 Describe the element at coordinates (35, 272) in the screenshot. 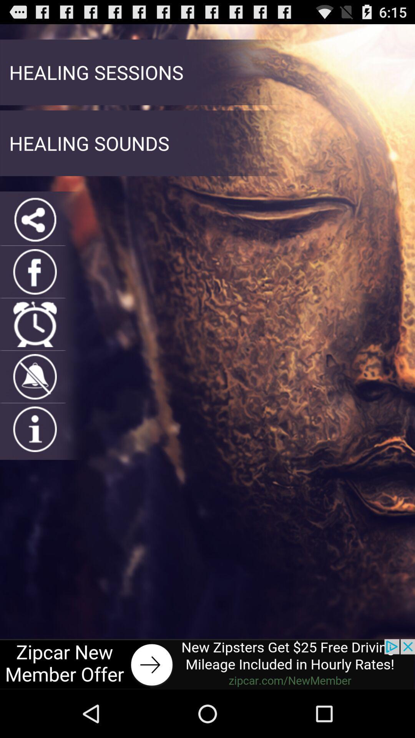

I see `share on facebook` at that location.